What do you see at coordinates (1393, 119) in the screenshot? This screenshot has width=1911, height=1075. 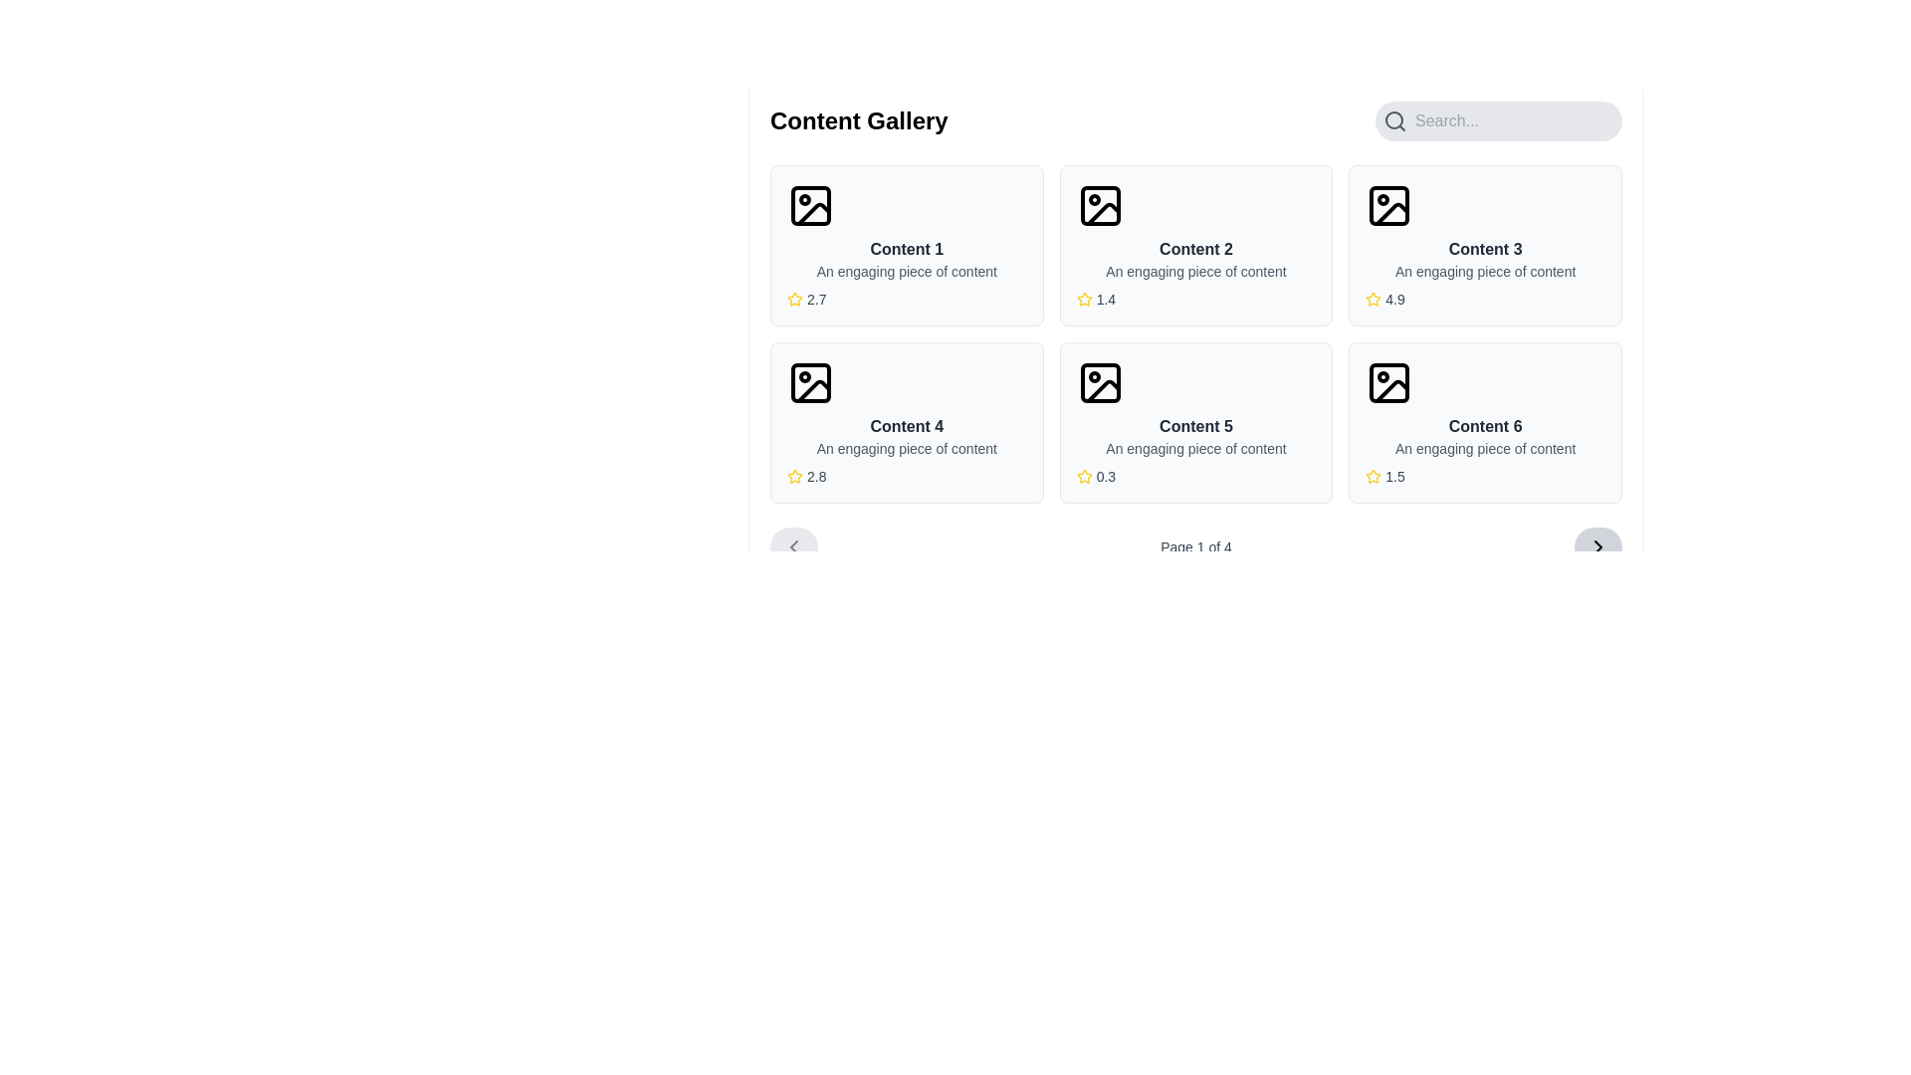 I see `the circular graphical component within the search icon in the top-right search bar` at bounding box center [1393, 119].